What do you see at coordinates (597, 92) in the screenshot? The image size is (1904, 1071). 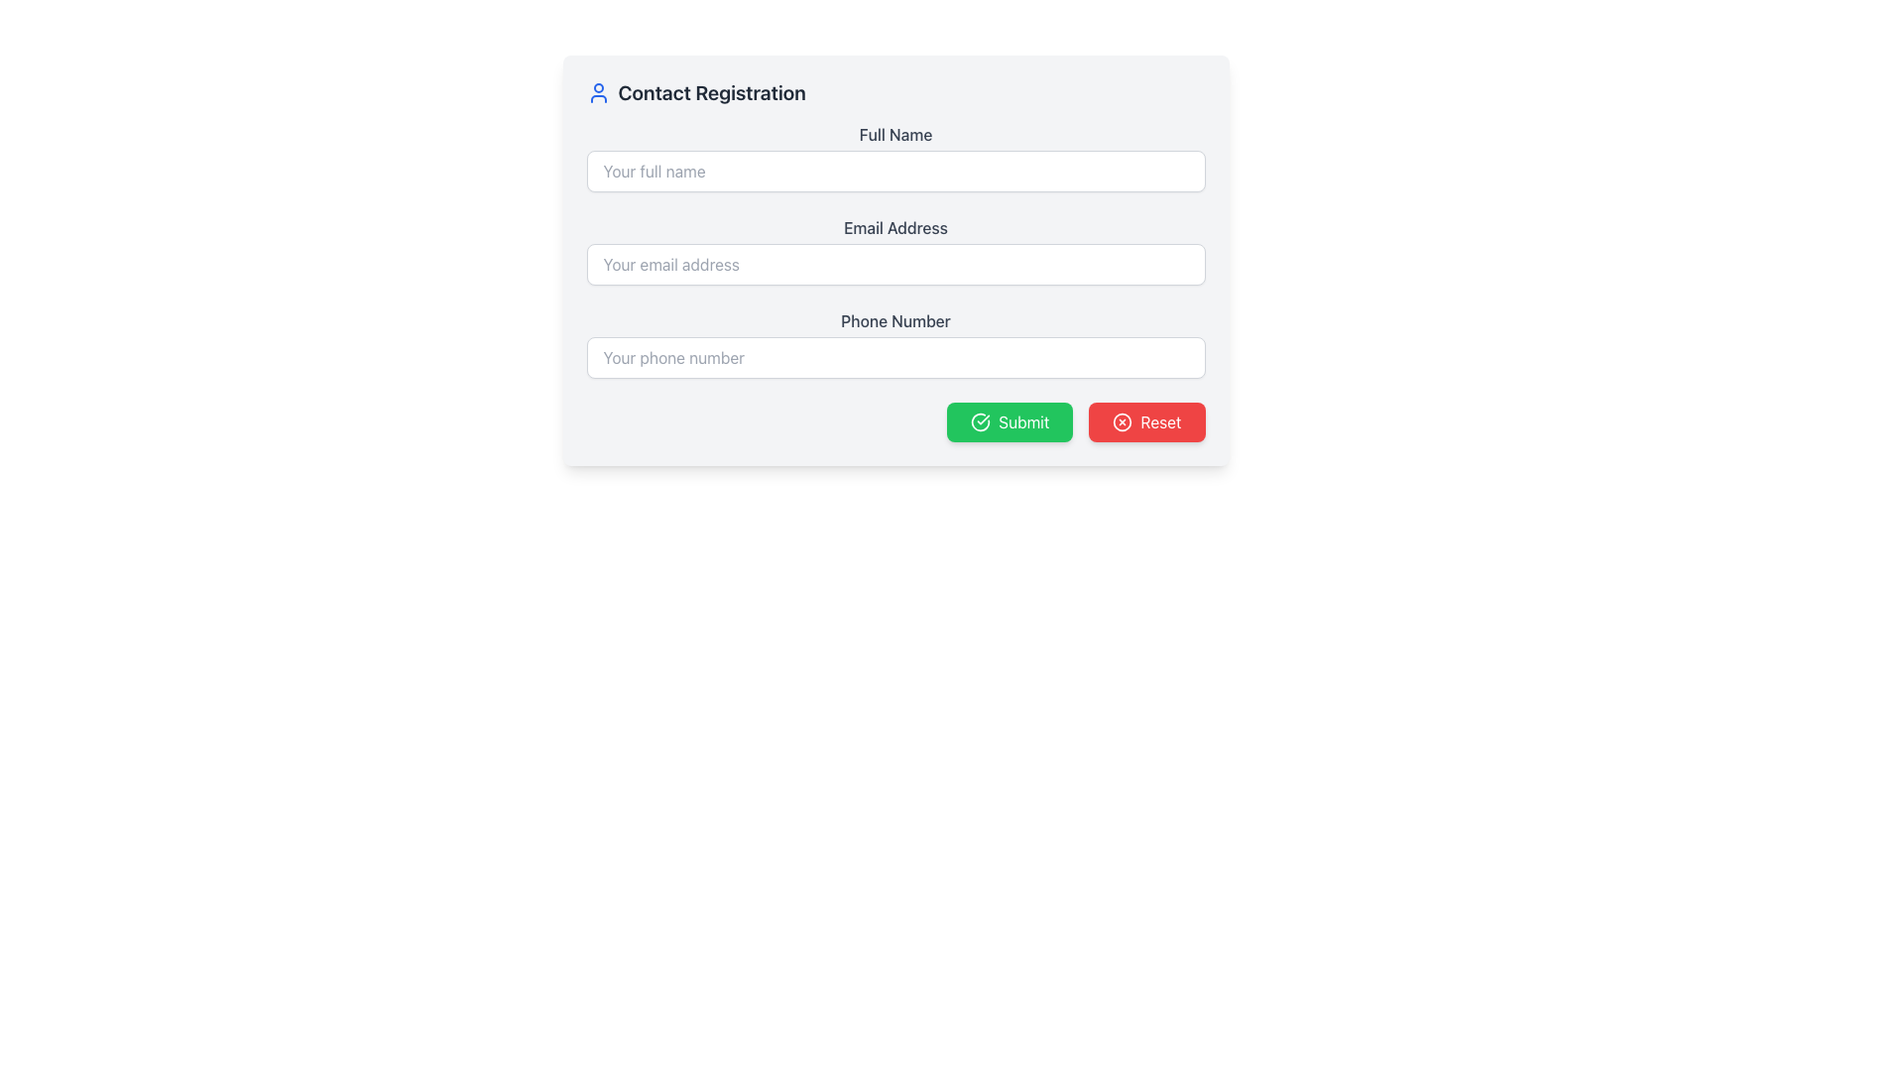 I see `the decorative icon representing the 'Contact Registration' heading, which is located to the left of the 'Contact Registration' title text` at bounding box center [597, 92].